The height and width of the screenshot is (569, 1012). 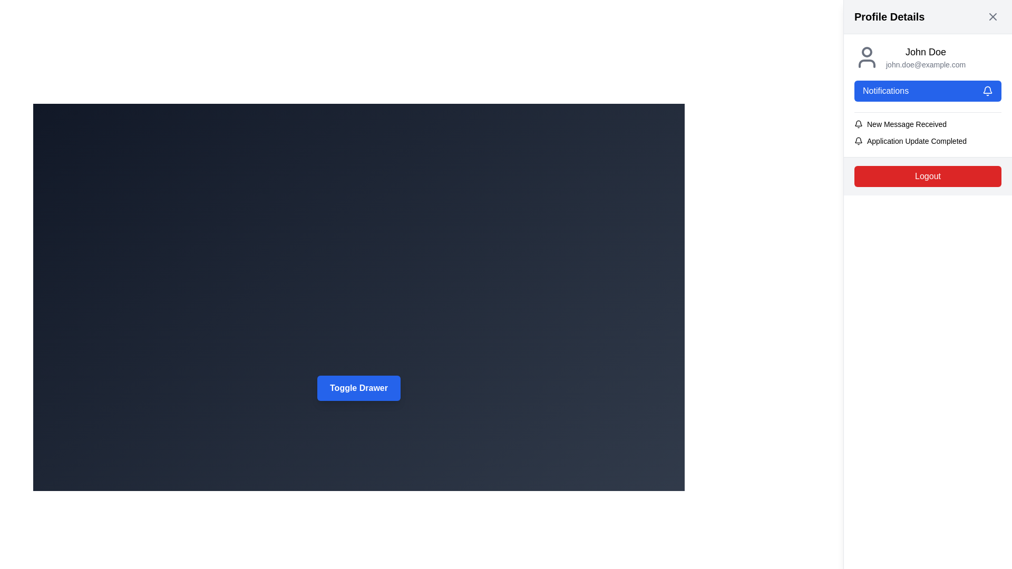 I want to click on the 'Profile Details' section at the top of the side panel, which contains the user icon and the name 'John Doe', so click(x=928, y=57).